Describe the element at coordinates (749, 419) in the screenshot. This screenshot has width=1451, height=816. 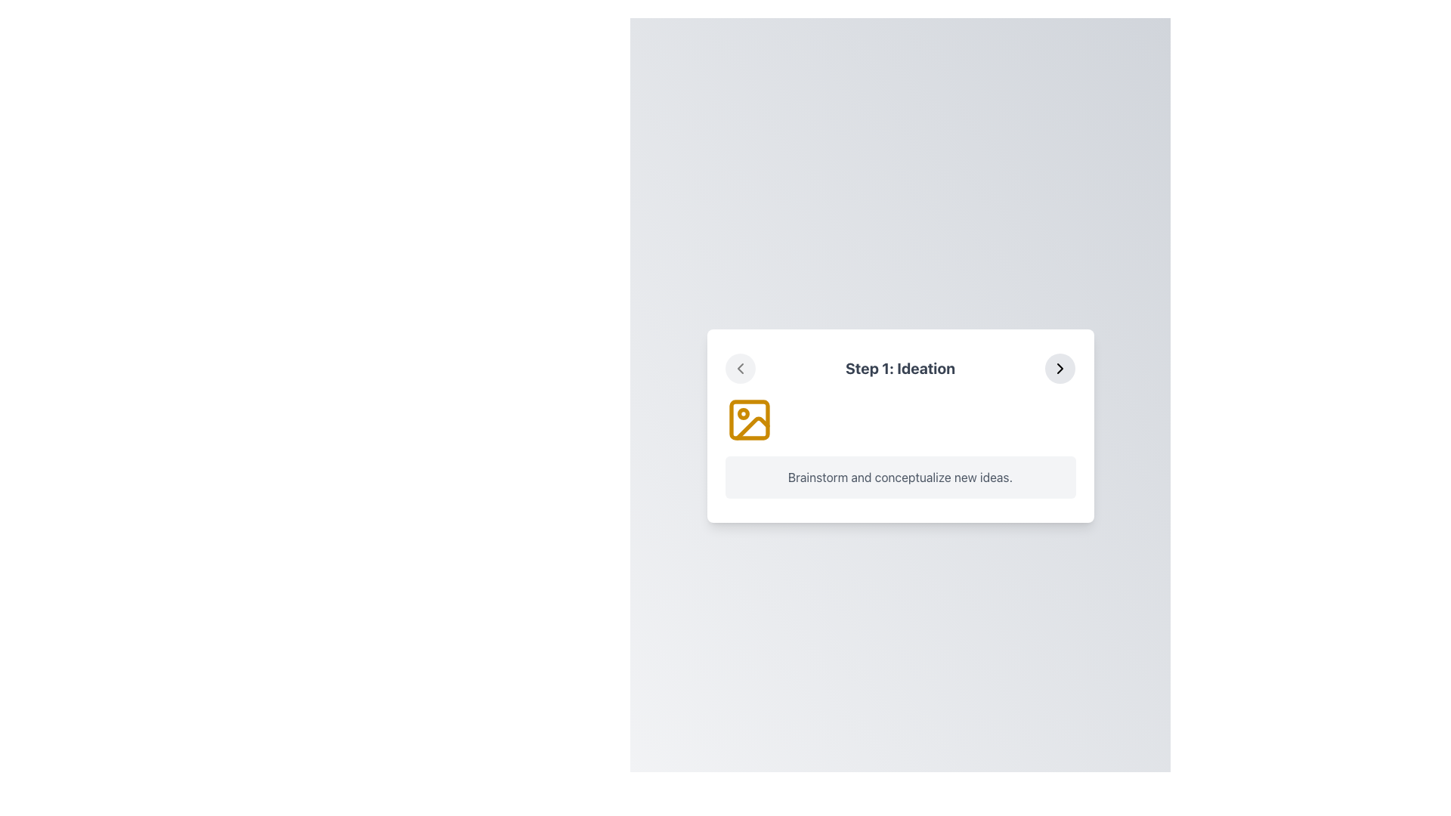
I see `the golden yellow icon with rounded corners, located to the left of the 'Step 1: Ideation' title text, for contextual information` at that location.